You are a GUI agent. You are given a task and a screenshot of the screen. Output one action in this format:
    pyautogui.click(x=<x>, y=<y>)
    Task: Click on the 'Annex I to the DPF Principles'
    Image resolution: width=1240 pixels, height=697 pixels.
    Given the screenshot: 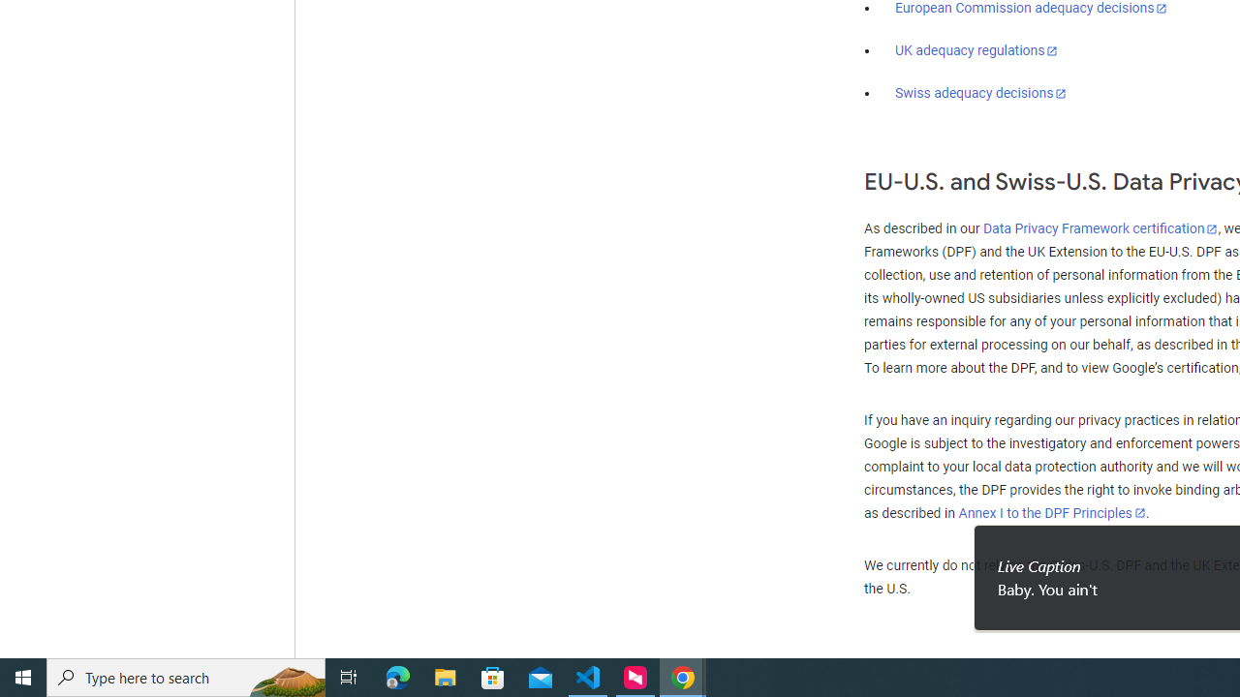 What is the action you would take?
    pyautogui.click(x=1051, y=512)
    